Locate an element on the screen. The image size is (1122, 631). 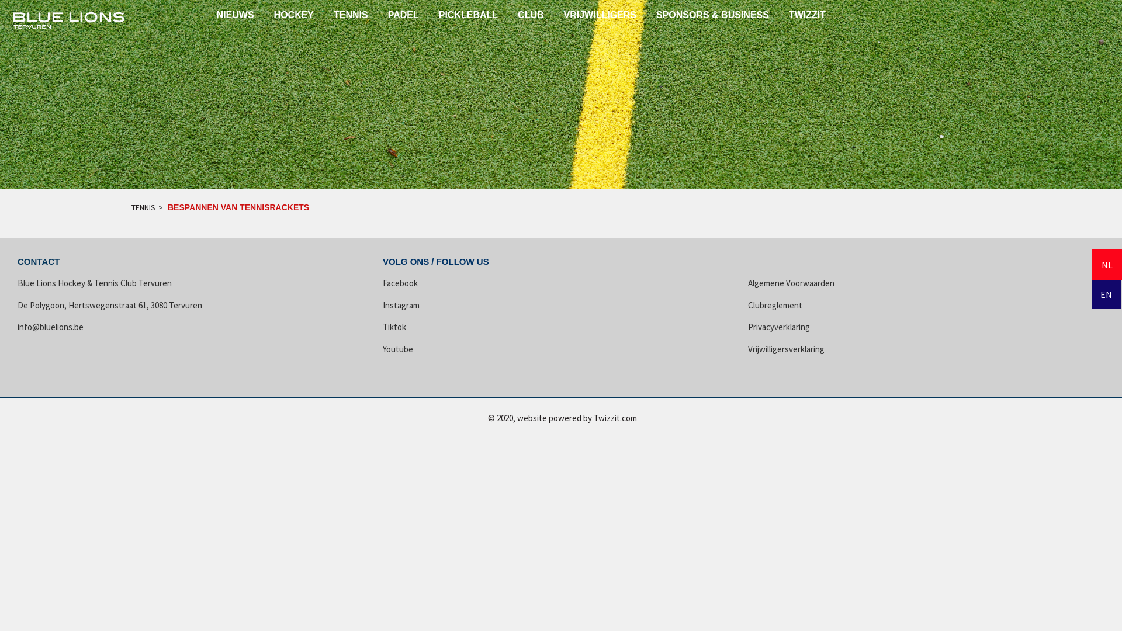
'BESPANNEN VAN TENNISRACKETS' is located at coordinates (167, 207).